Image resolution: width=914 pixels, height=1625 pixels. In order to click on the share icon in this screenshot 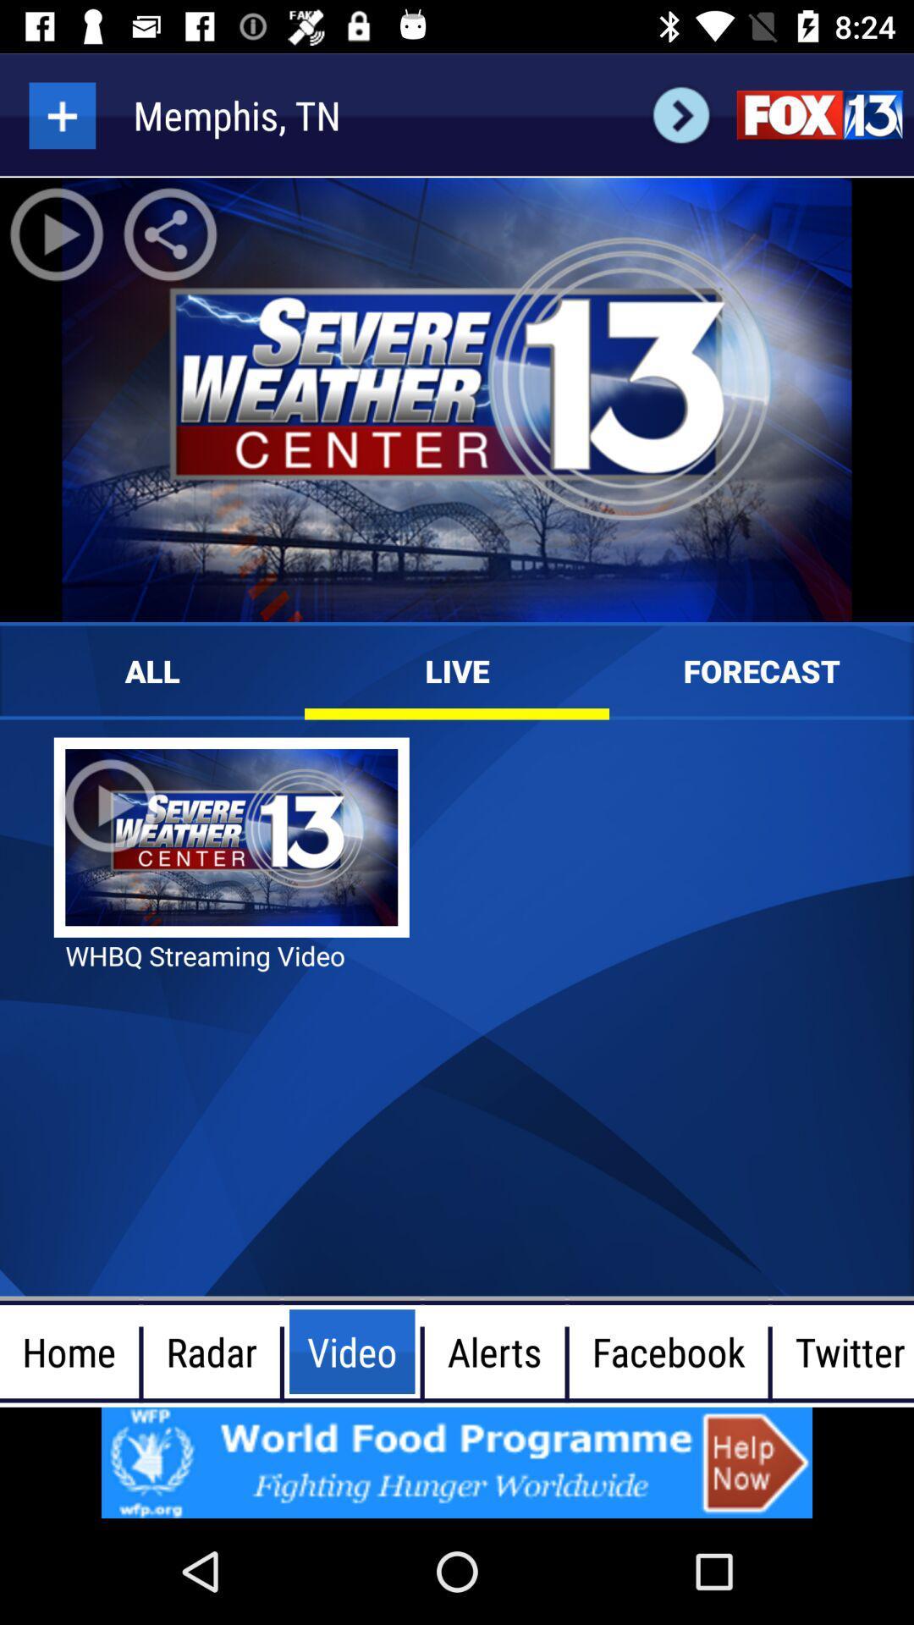, I will do `click(170, 234)`.